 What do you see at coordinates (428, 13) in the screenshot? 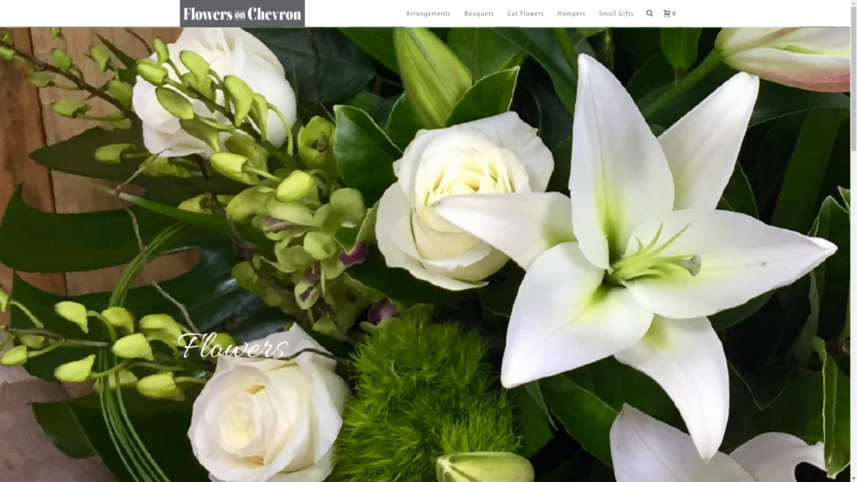
I see `'Arrangements'` at bounding box center [428, 13].